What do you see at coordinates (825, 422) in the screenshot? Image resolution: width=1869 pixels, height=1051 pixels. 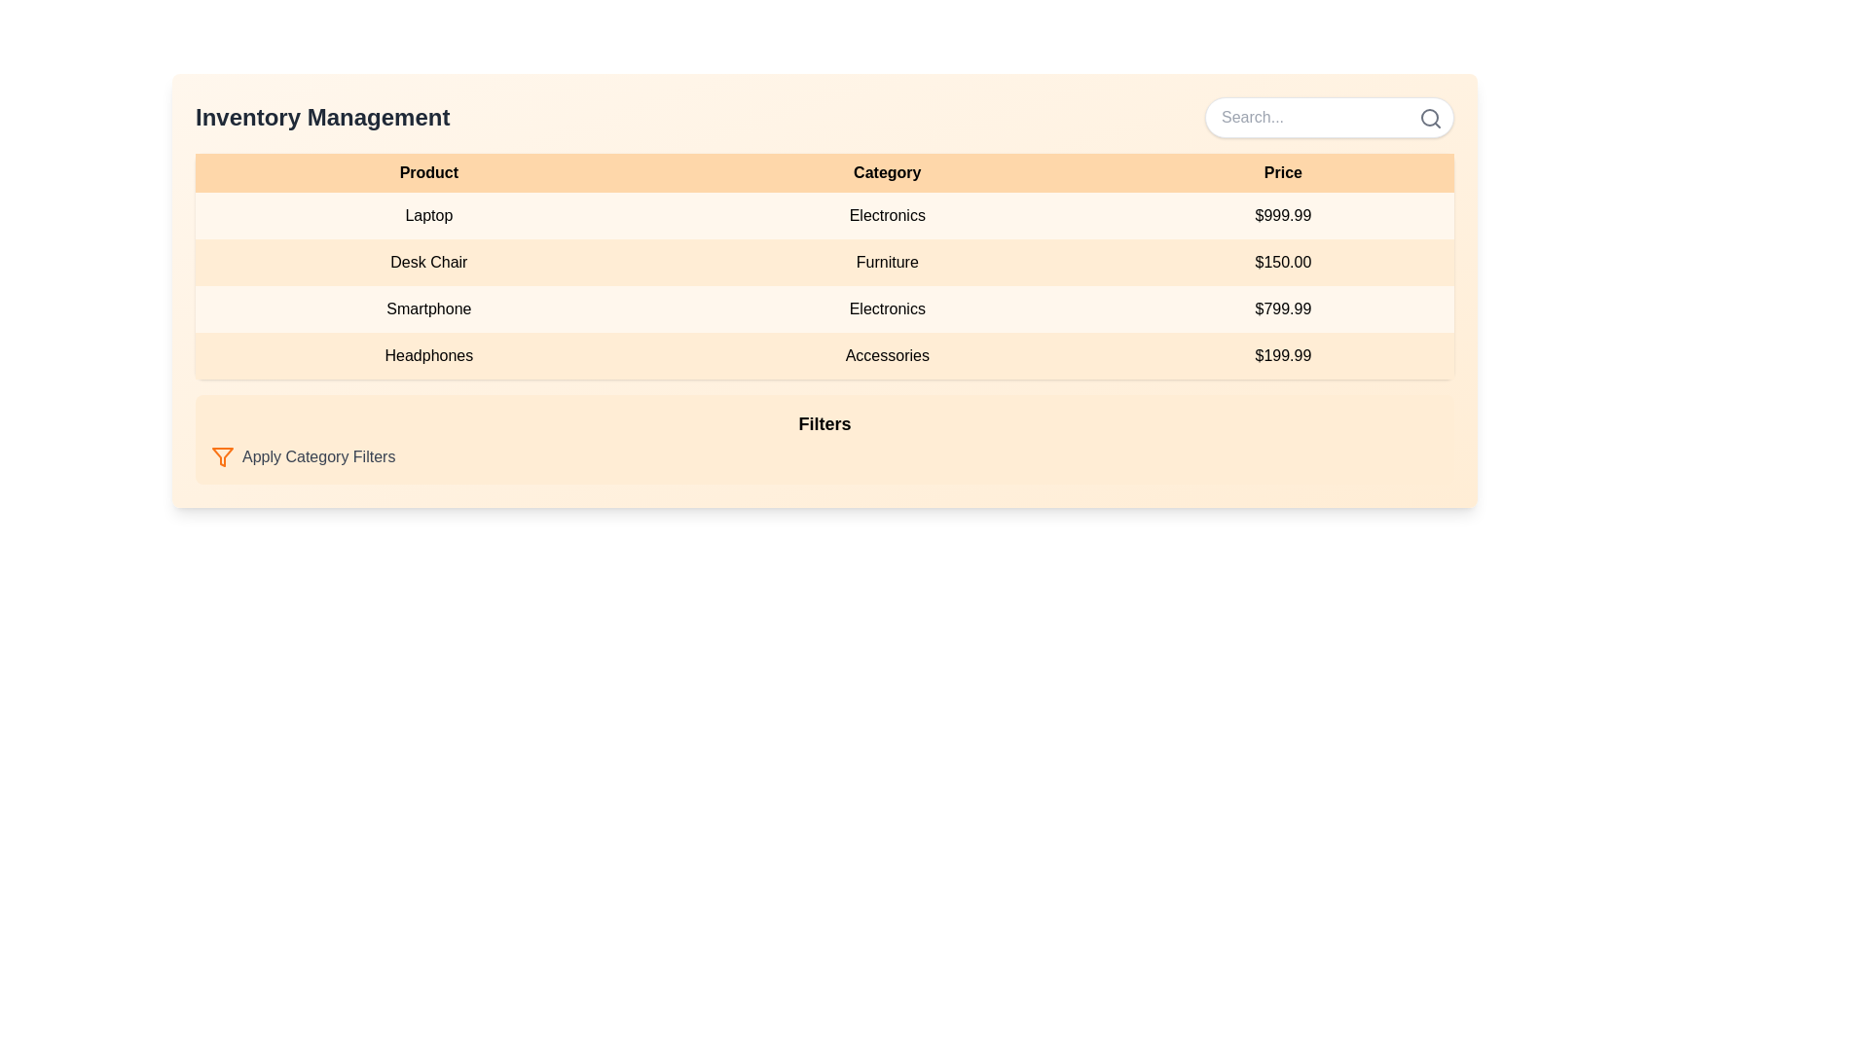 I see `text label indicating the title or purpose of the section for applying filters, which is centrally positioned above the text 'Apply Category Filters'` at bounding box center [825, 422].